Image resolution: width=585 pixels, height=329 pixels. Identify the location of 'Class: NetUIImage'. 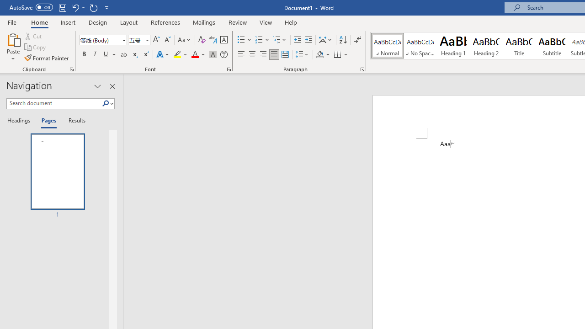
(106, 103).